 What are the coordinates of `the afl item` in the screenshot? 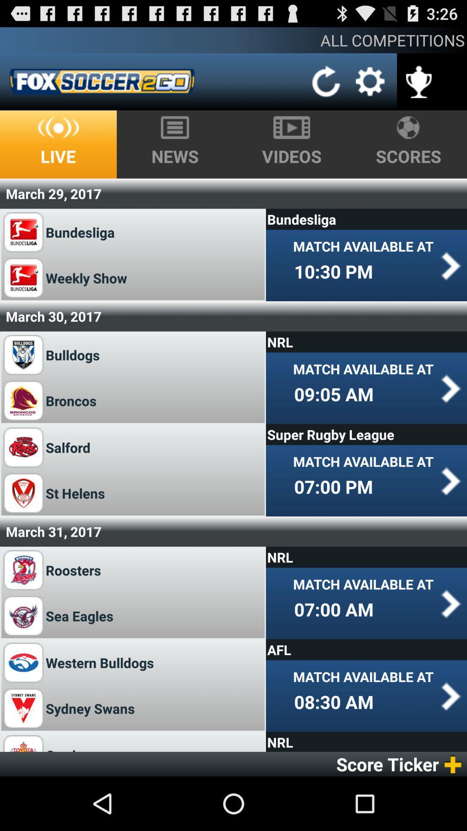 It's located at (366, 650).